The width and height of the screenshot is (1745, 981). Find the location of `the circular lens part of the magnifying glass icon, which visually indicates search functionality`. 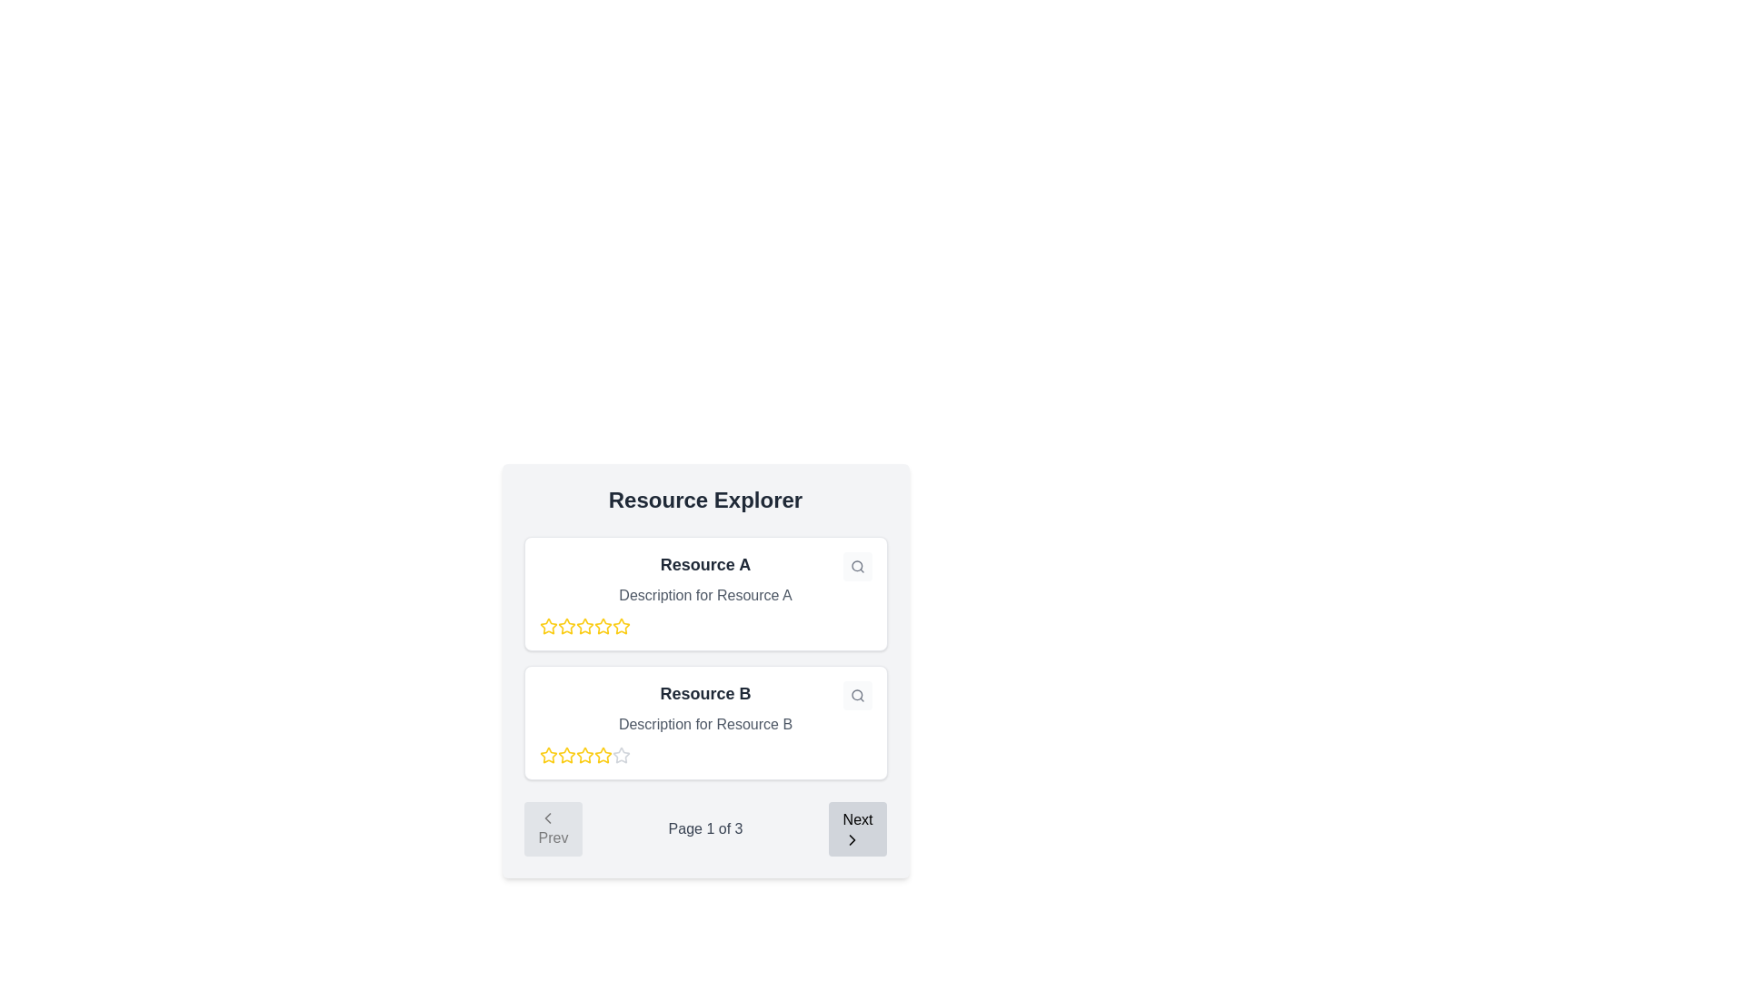

the circular lens part of the magnifying glass icon, which visually indicates search functionality is located at coordinates (855, 695).